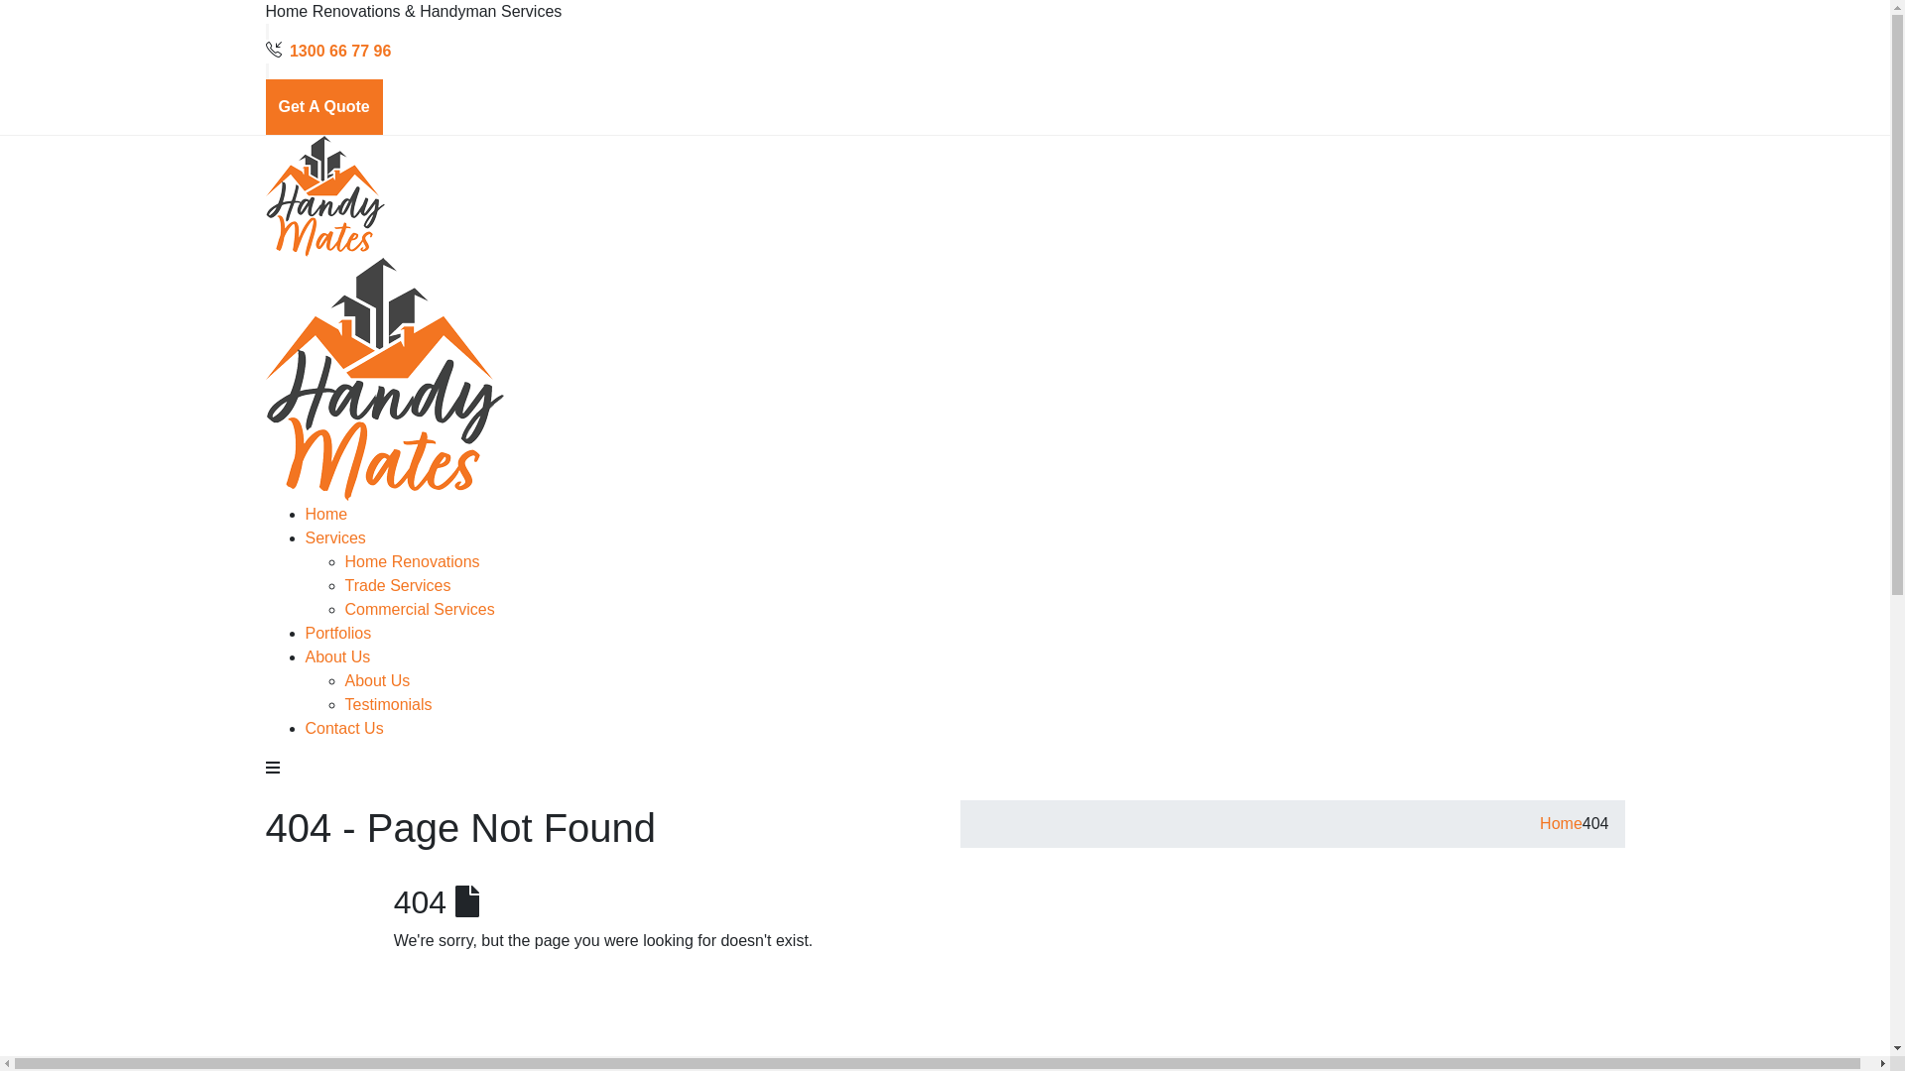 Image resolution: width=1905 pixels, height=1071 pixels. Describe the element at coordinates (337, 656) in the screenshot. I see `'About Us'` at that location.